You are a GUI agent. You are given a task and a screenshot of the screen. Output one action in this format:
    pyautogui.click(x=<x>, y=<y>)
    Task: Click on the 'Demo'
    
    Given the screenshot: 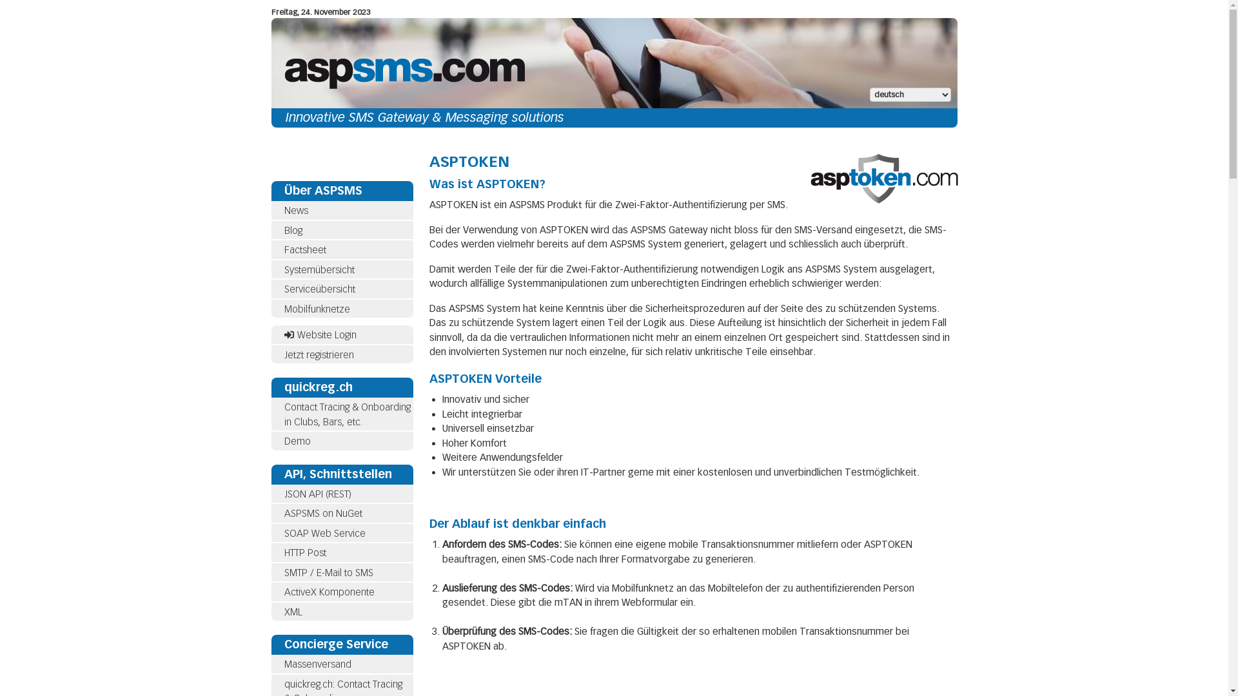 What is the action you would take?
    pyautogui.click(x=341, y=441)
    